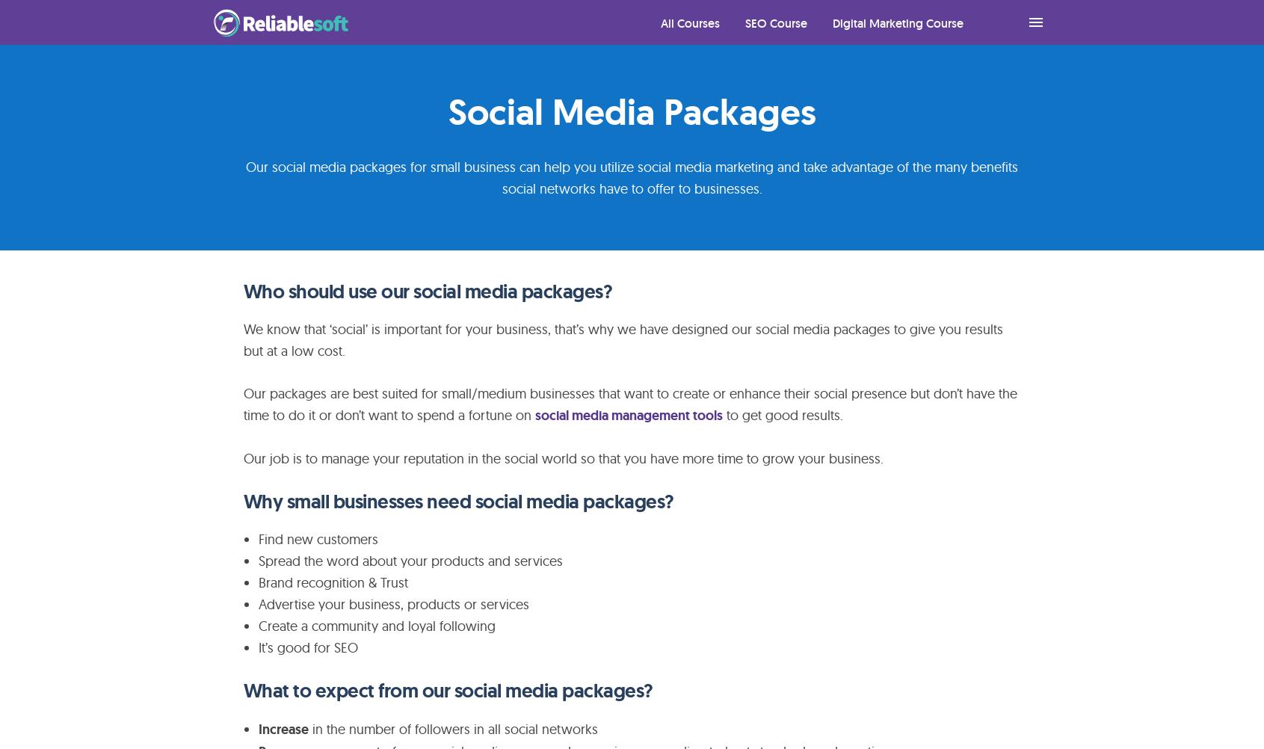 Image resolution: width=1264 pixels, height=749 pixels. Describe the element at coordinates (333, 582) in the screenshot. I see `'Brand recognition & Trust'` at that location.